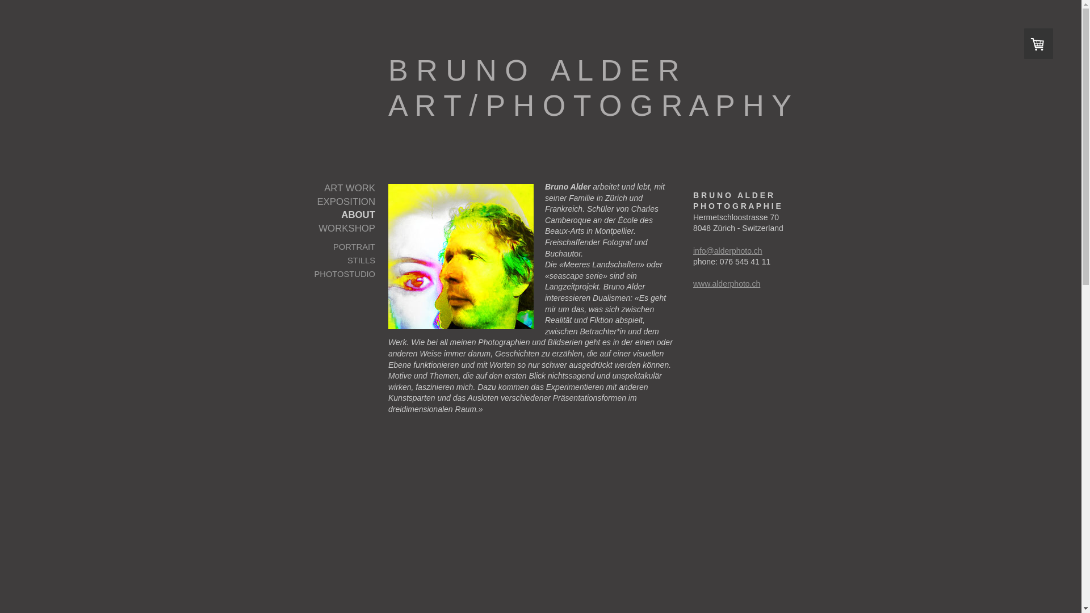 Image resolution: width=1090 pixels, height=613 pixels. I want to click on 'EXPOSITION', so click(326, 201).